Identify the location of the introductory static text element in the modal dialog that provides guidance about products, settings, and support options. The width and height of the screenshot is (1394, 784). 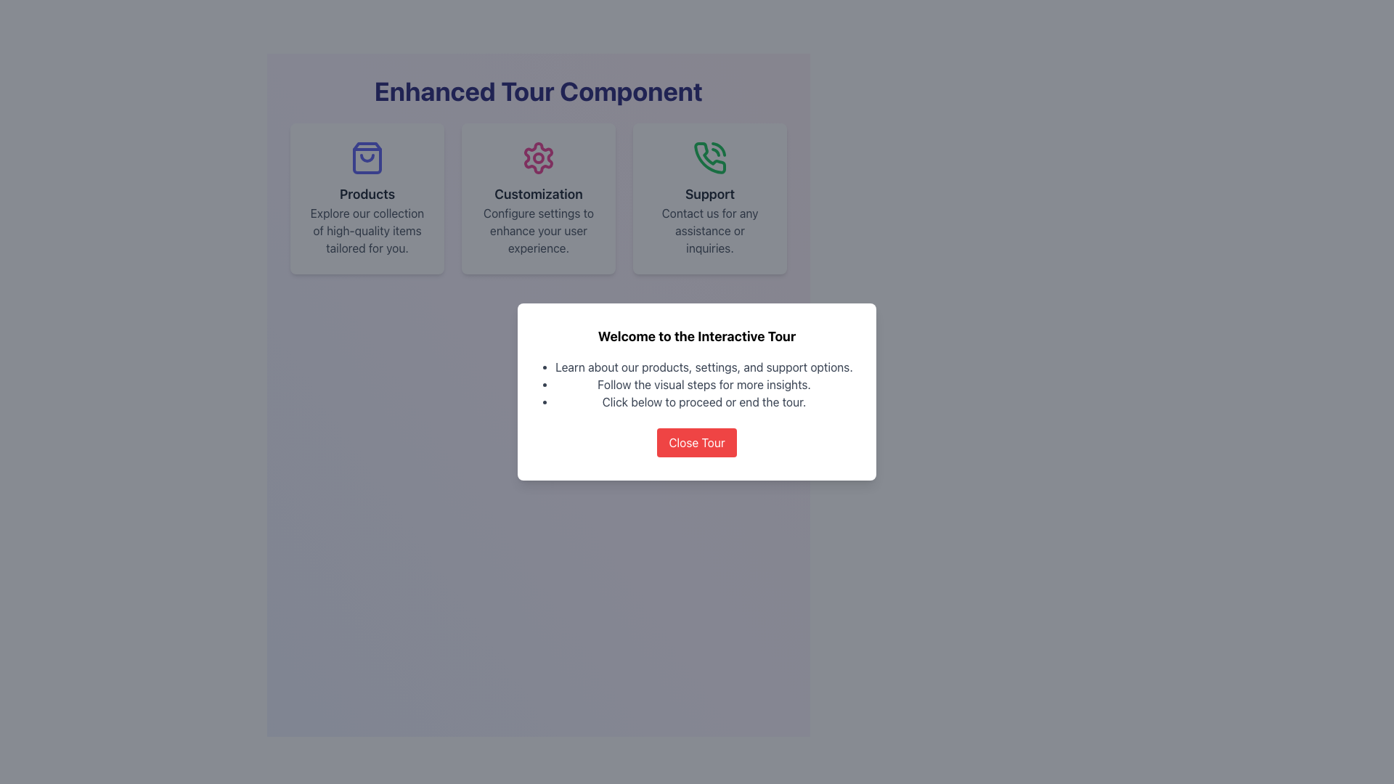
(704, 366).